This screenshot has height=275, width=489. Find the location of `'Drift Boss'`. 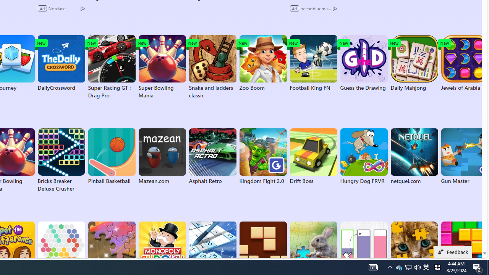

'Drift Boss' is located at coordinates (313, 156).